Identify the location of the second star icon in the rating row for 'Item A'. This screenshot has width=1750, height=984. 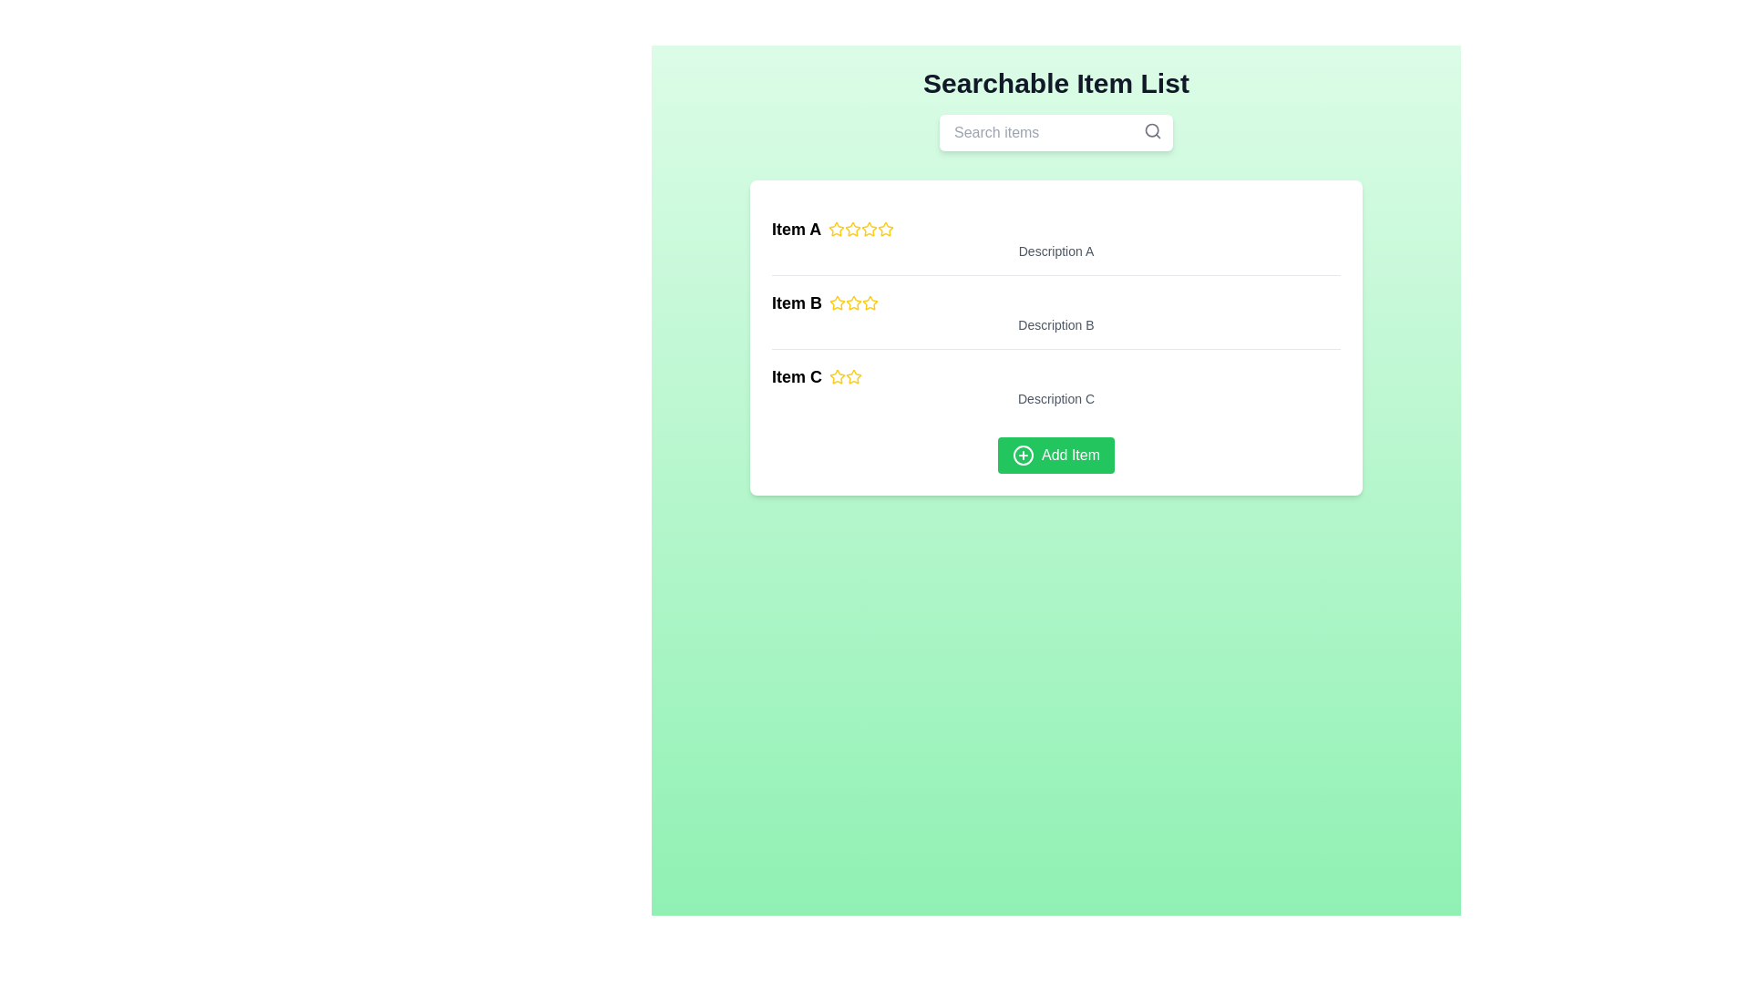
(852, 228).